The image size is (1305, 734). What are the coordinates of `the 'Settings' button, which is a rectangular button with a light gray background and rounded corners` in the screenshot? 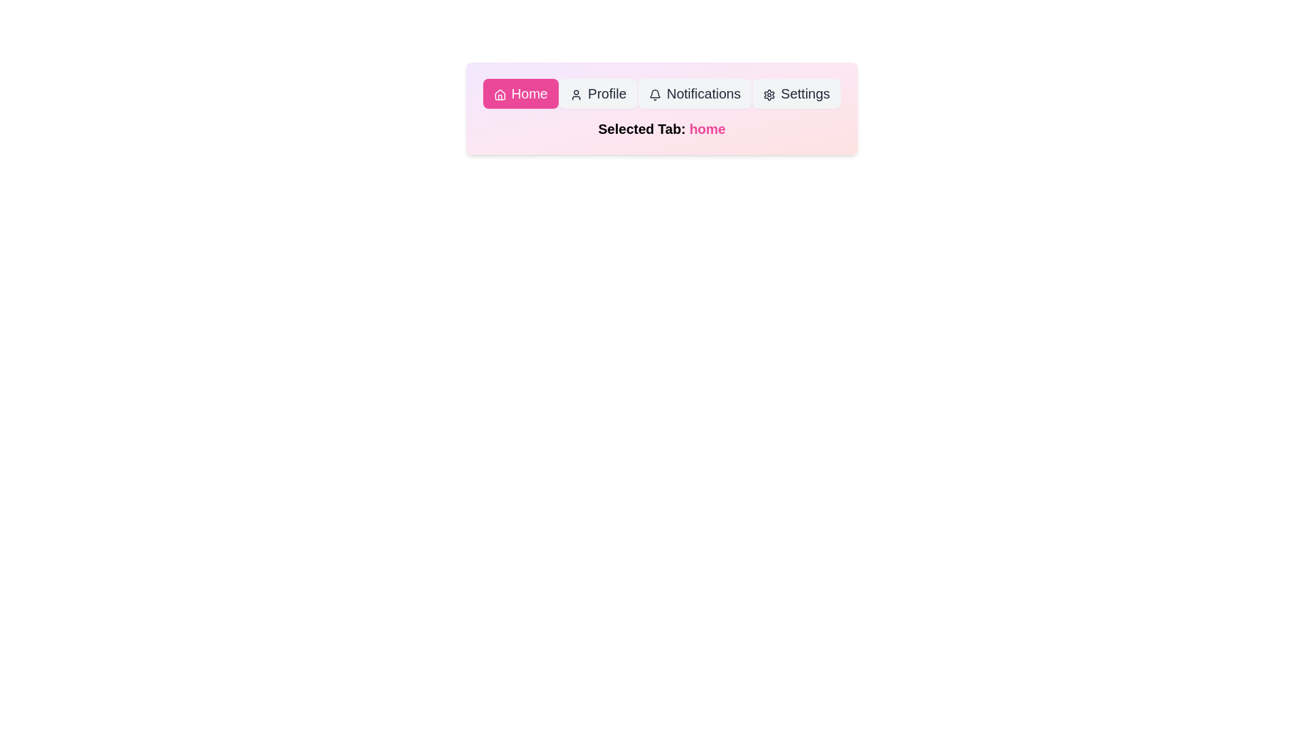 It's located at (797, 93).